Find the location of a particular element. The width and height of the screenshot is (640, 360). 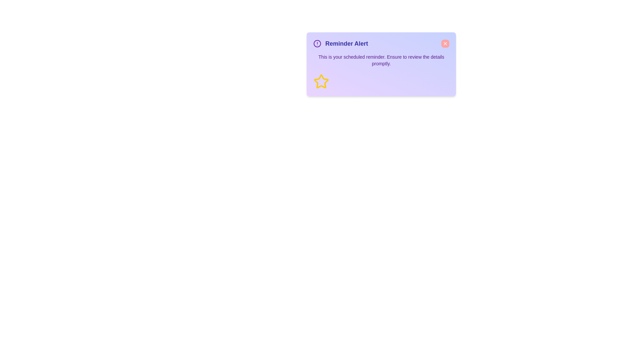

the close button to dismiss the alert is located at coordinates (445, 44).